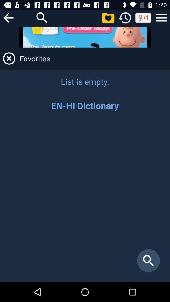  I want to click on the arrow_backward icon, so click(8, 17).